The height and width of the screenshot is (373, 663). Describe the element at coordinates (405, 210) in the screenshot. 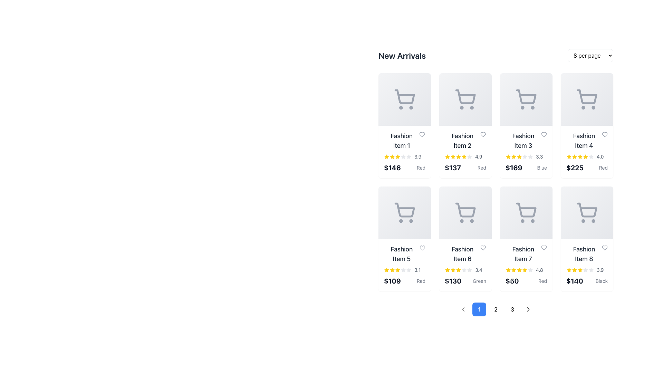

I see `the shopping cart icon in the card of 'Fashion Item 5', located in the second row and first column of the grid layout` at that location.